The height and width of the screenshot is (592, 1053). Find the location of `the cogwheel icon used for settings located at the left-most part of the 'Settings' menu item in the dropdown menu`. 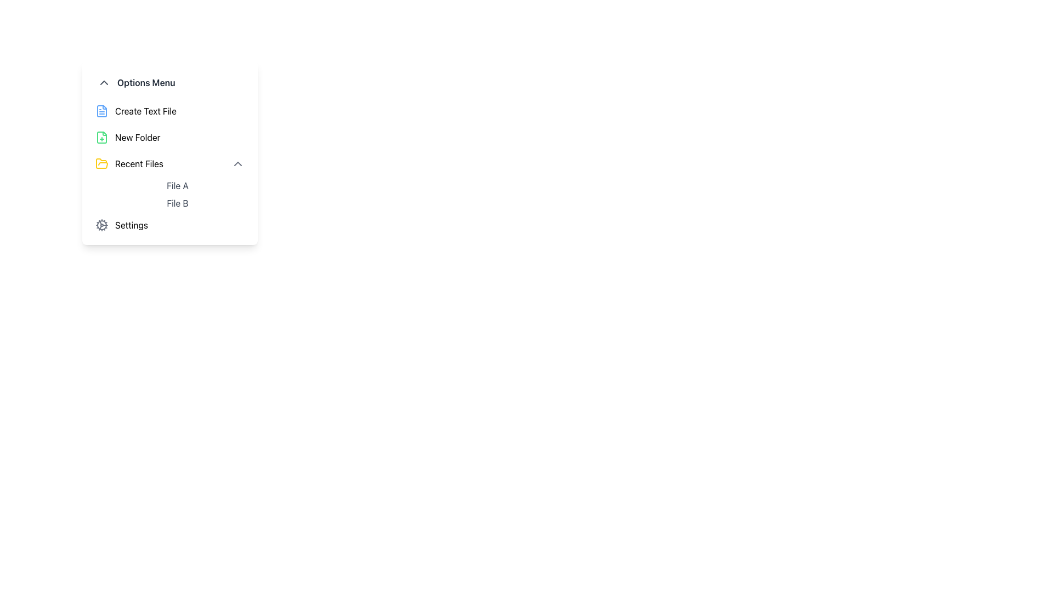

the cogwheel icon used for settings located at the left-most part of the 'Settings' menu item in the dropdown menu is located at coordinates (102, 225).